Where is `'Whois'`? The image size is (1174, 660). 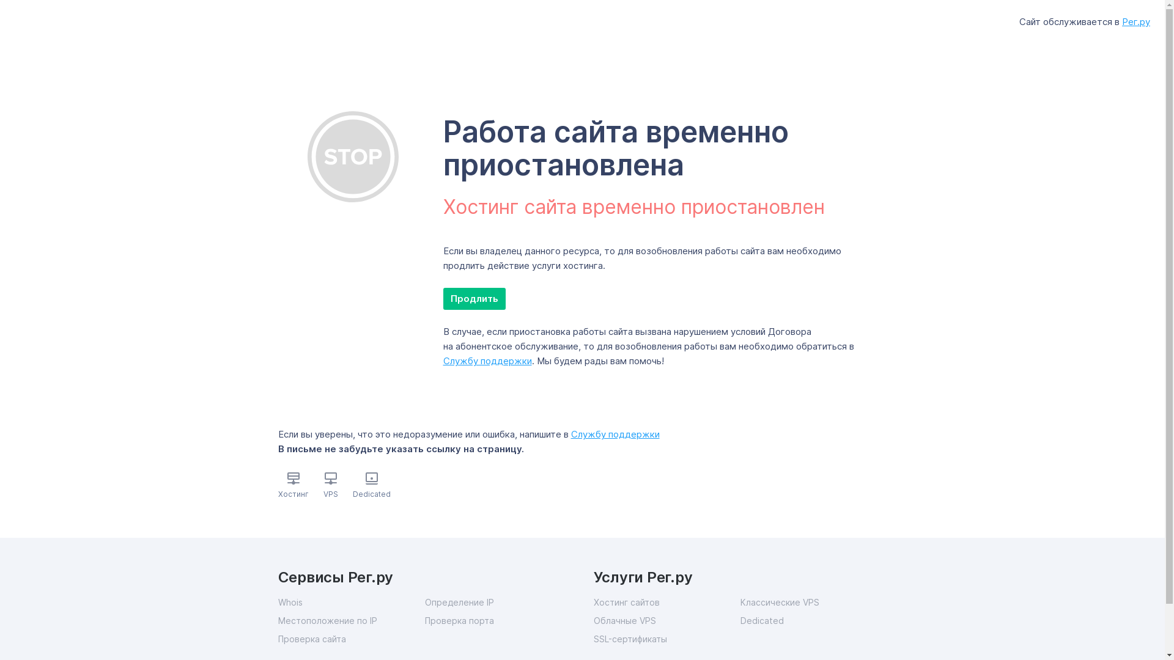
'Whois' is located at coordinates (277, 602).